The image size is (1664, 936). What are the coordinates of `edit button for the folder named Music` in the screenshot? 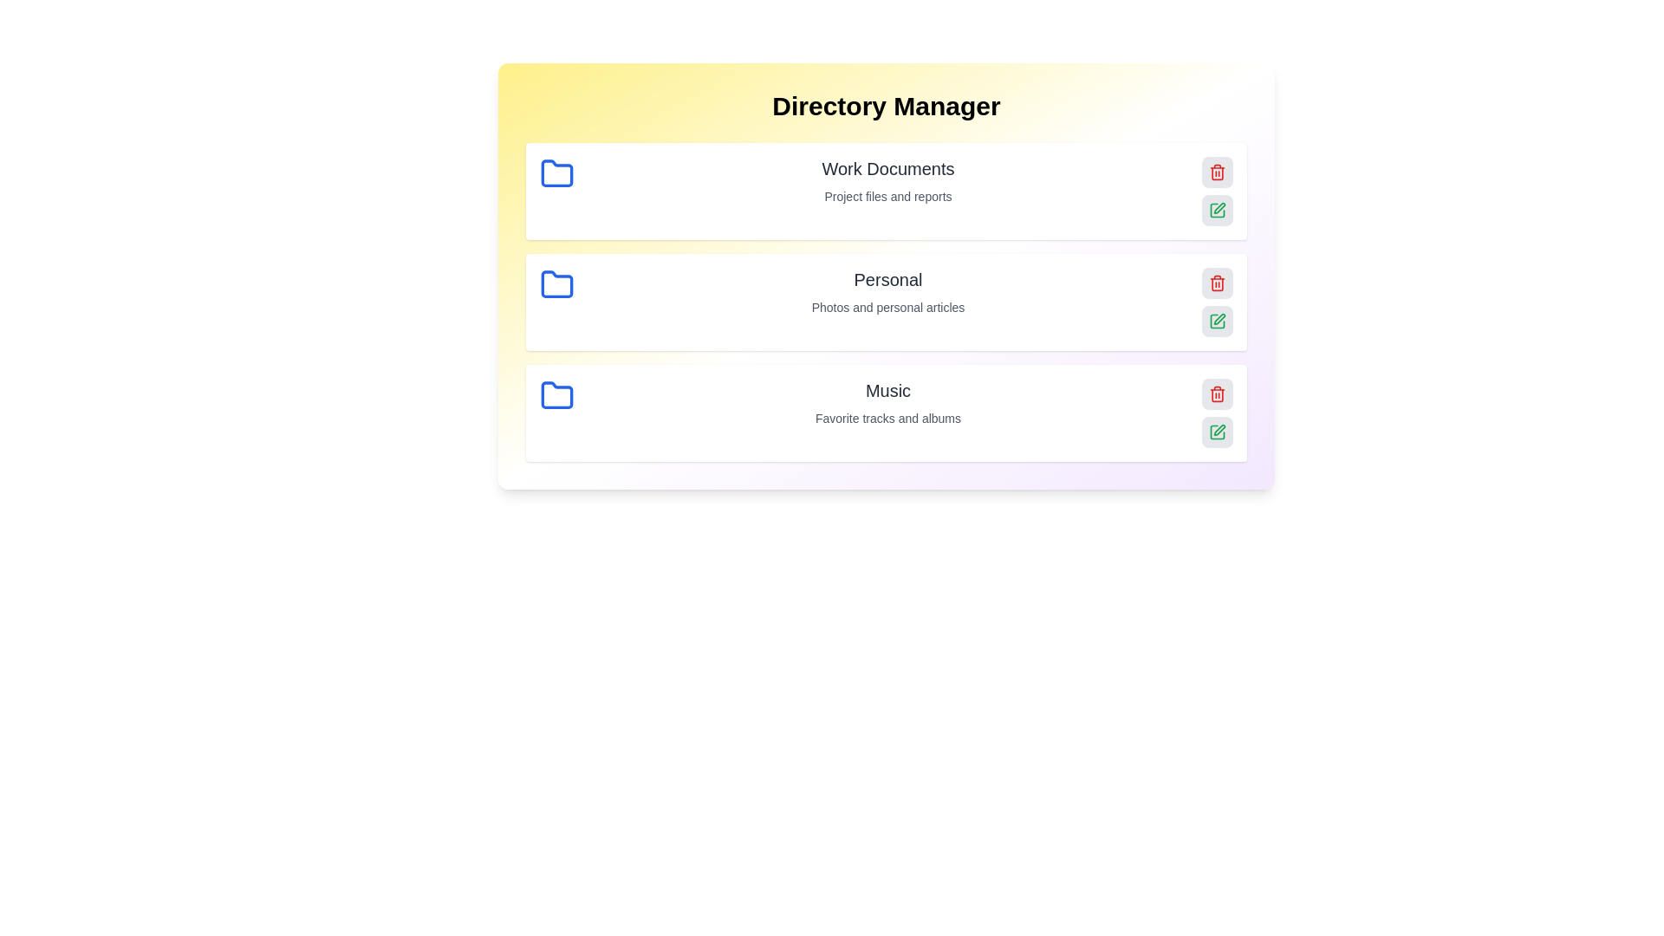 It's located at (1217, 431).